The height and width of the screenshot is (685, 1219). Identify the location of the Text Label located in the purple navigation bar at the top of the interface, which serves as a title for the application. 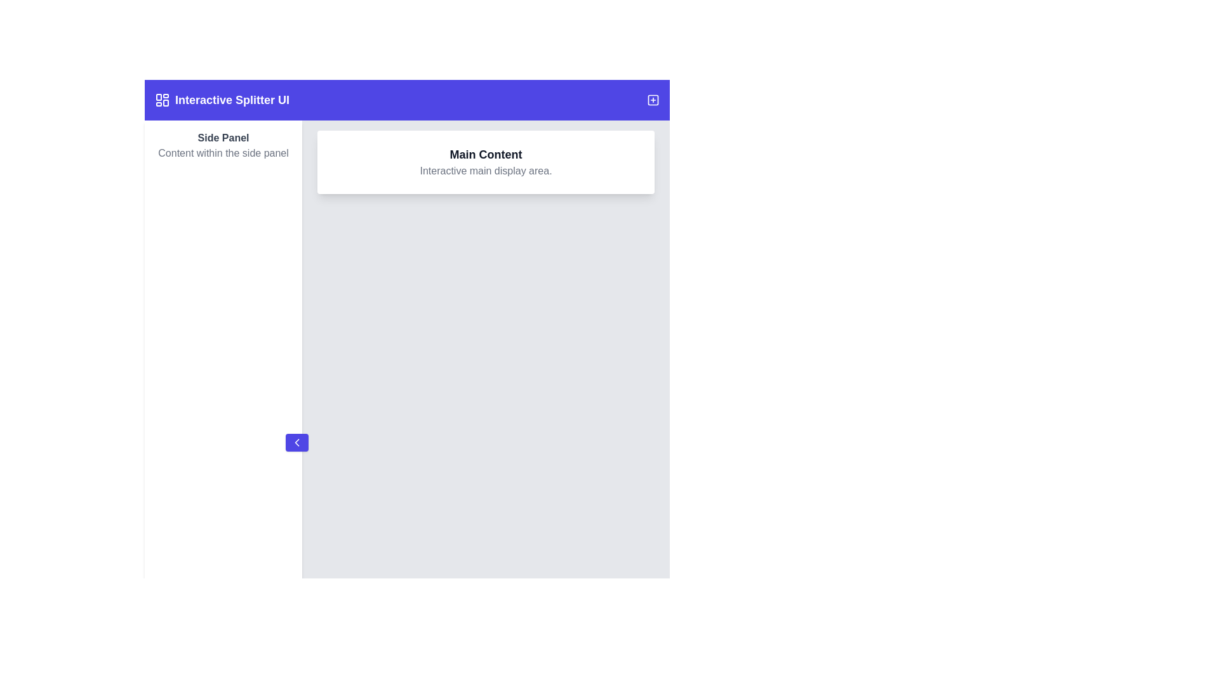
(222, 100).